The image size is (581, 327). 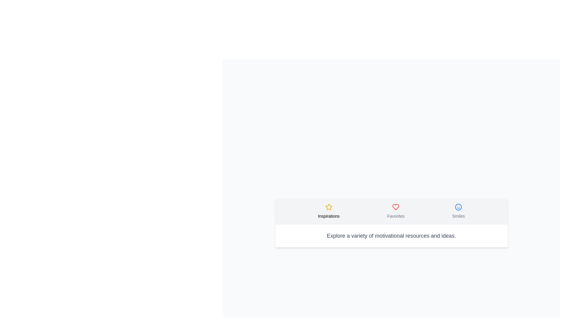 What do you see at coordinates (328, 211) in the screenshot?
I see `the Inspirations tab from the ContentTabs component` at bounding box center [328, 211].